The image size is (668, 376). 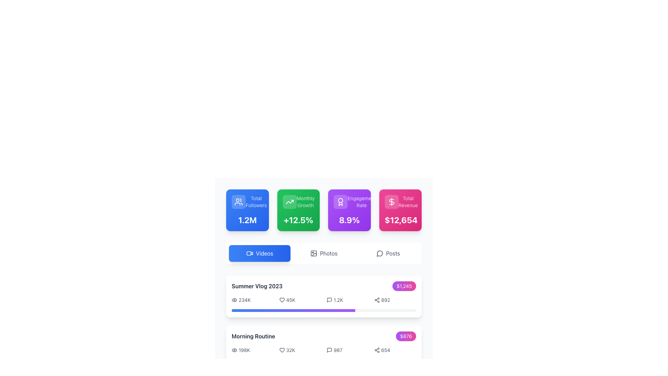 I want to click on the 'like' or 'favorite' icon located to the left of the numerical text '32K' in the 'Morning Routine' section, so click(x=282, y=350).